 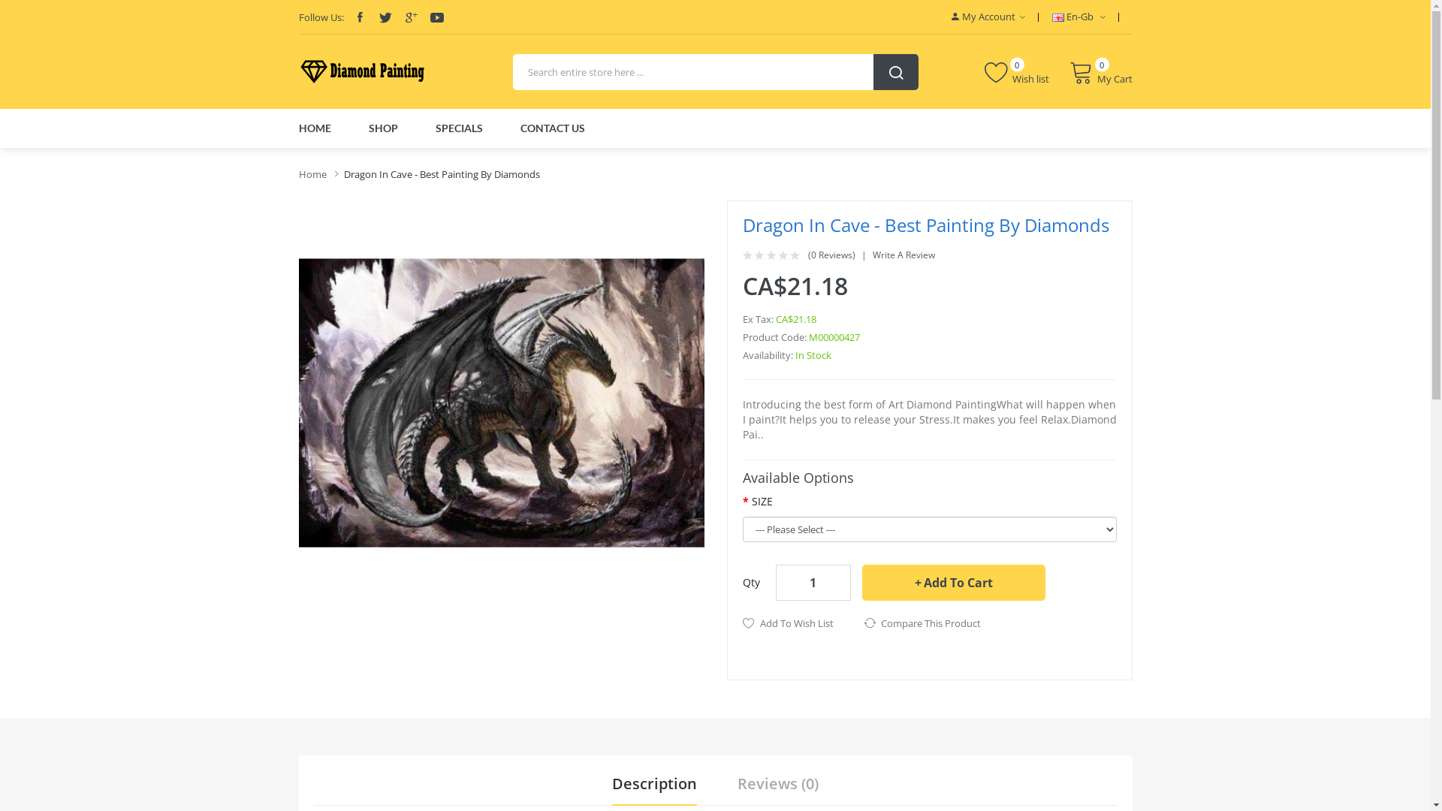 What do you see at coordinates (458, 127) in the screenshot?
I see `'SPECIALS'` at bounding box center [458, 127].